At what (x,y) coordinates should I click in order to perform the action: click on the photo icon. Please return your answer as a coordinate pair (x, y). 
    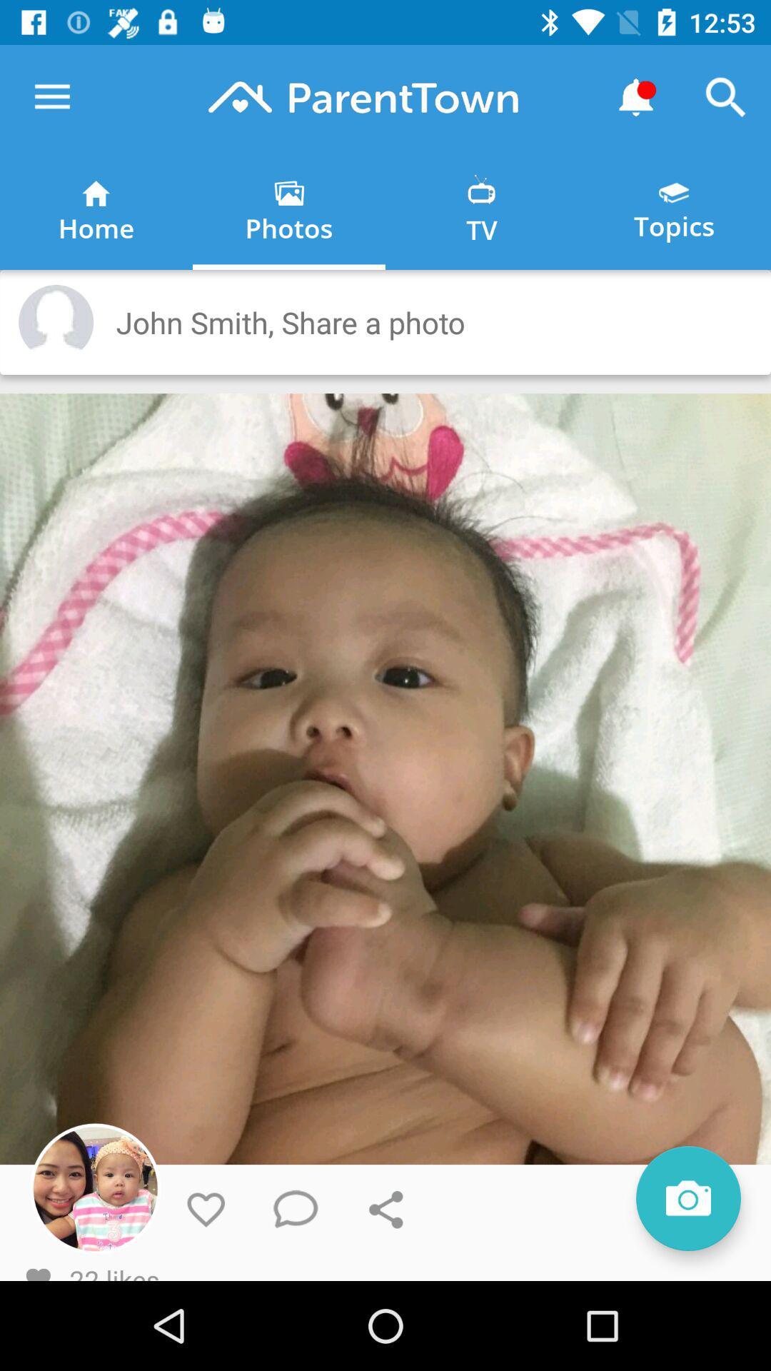
    Looking at the image, I should click on (687, 1198).